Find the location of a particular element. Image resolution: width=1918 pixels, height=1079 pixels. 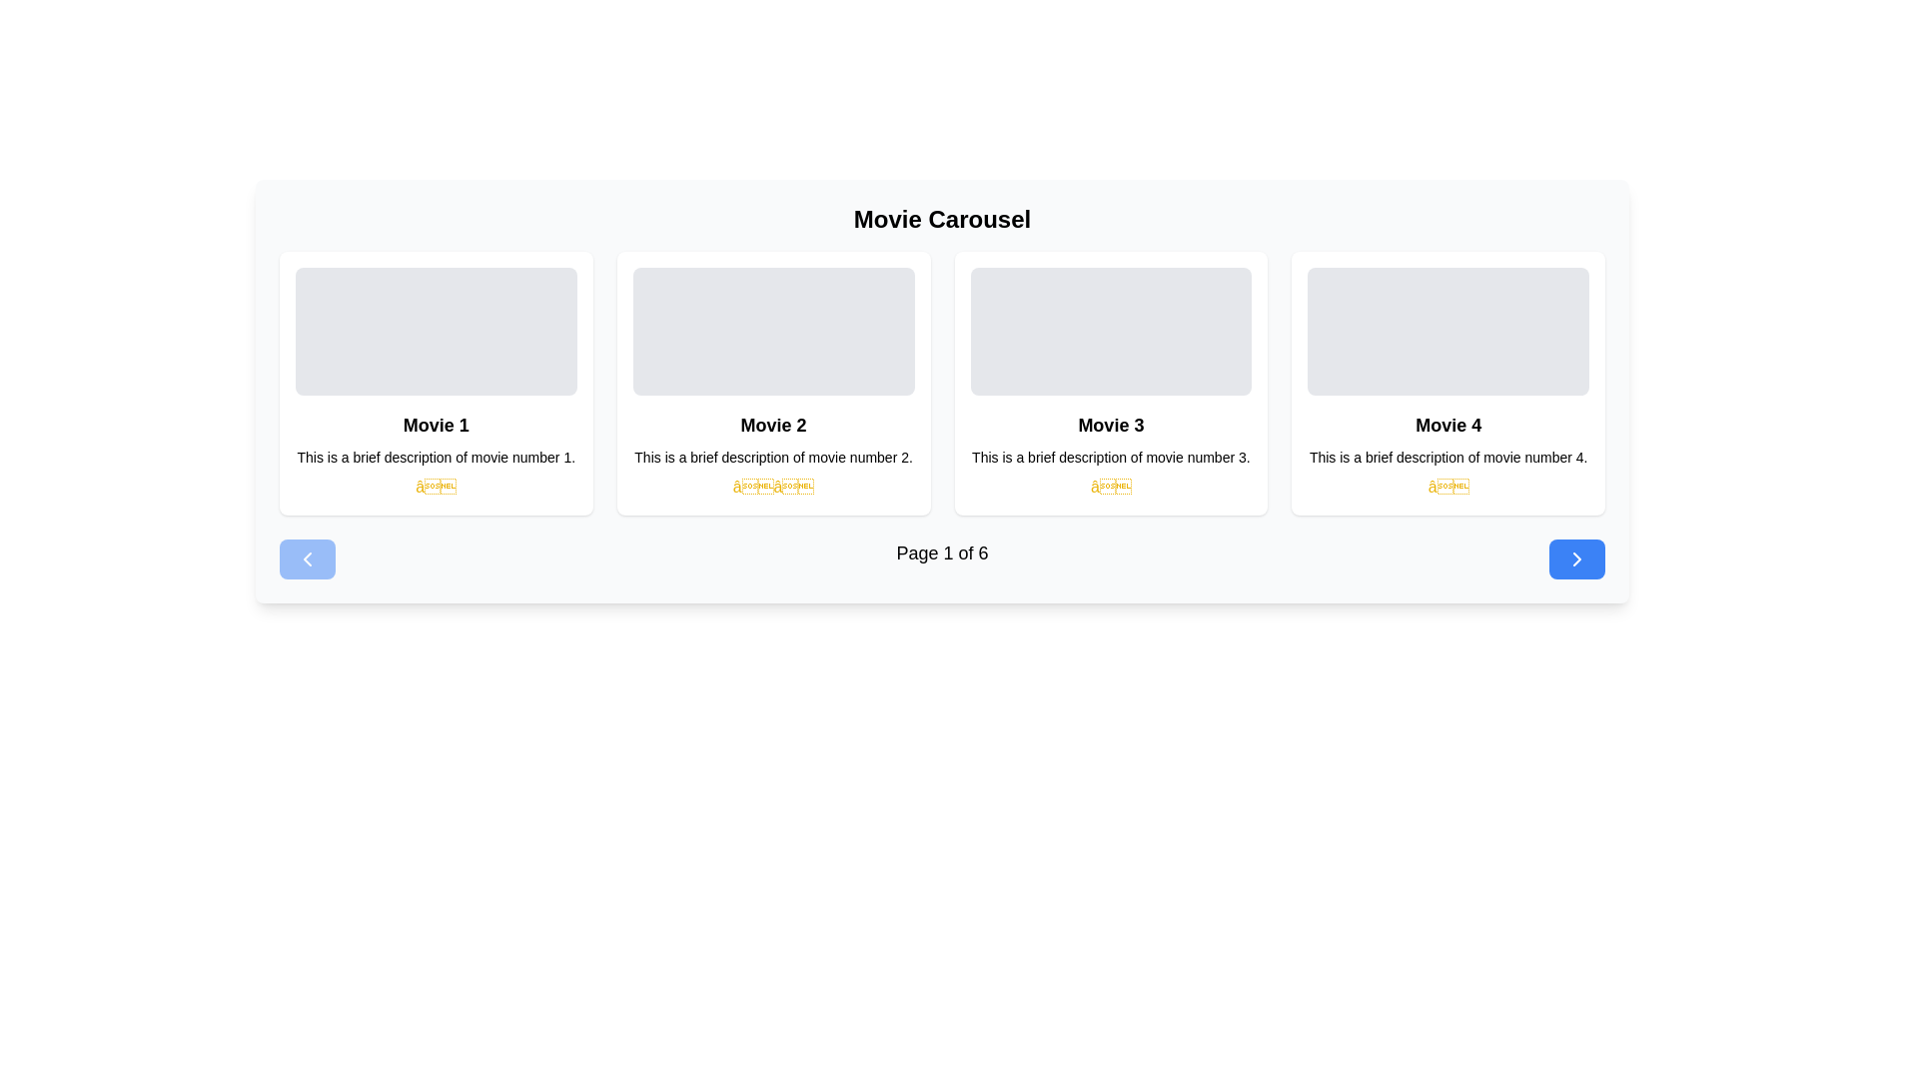

the text label that serves as the title of the content in the third card from the left in the horizontal carousel, positioned below the image placeholder and above the description text is located at coordinates (1110, 424).